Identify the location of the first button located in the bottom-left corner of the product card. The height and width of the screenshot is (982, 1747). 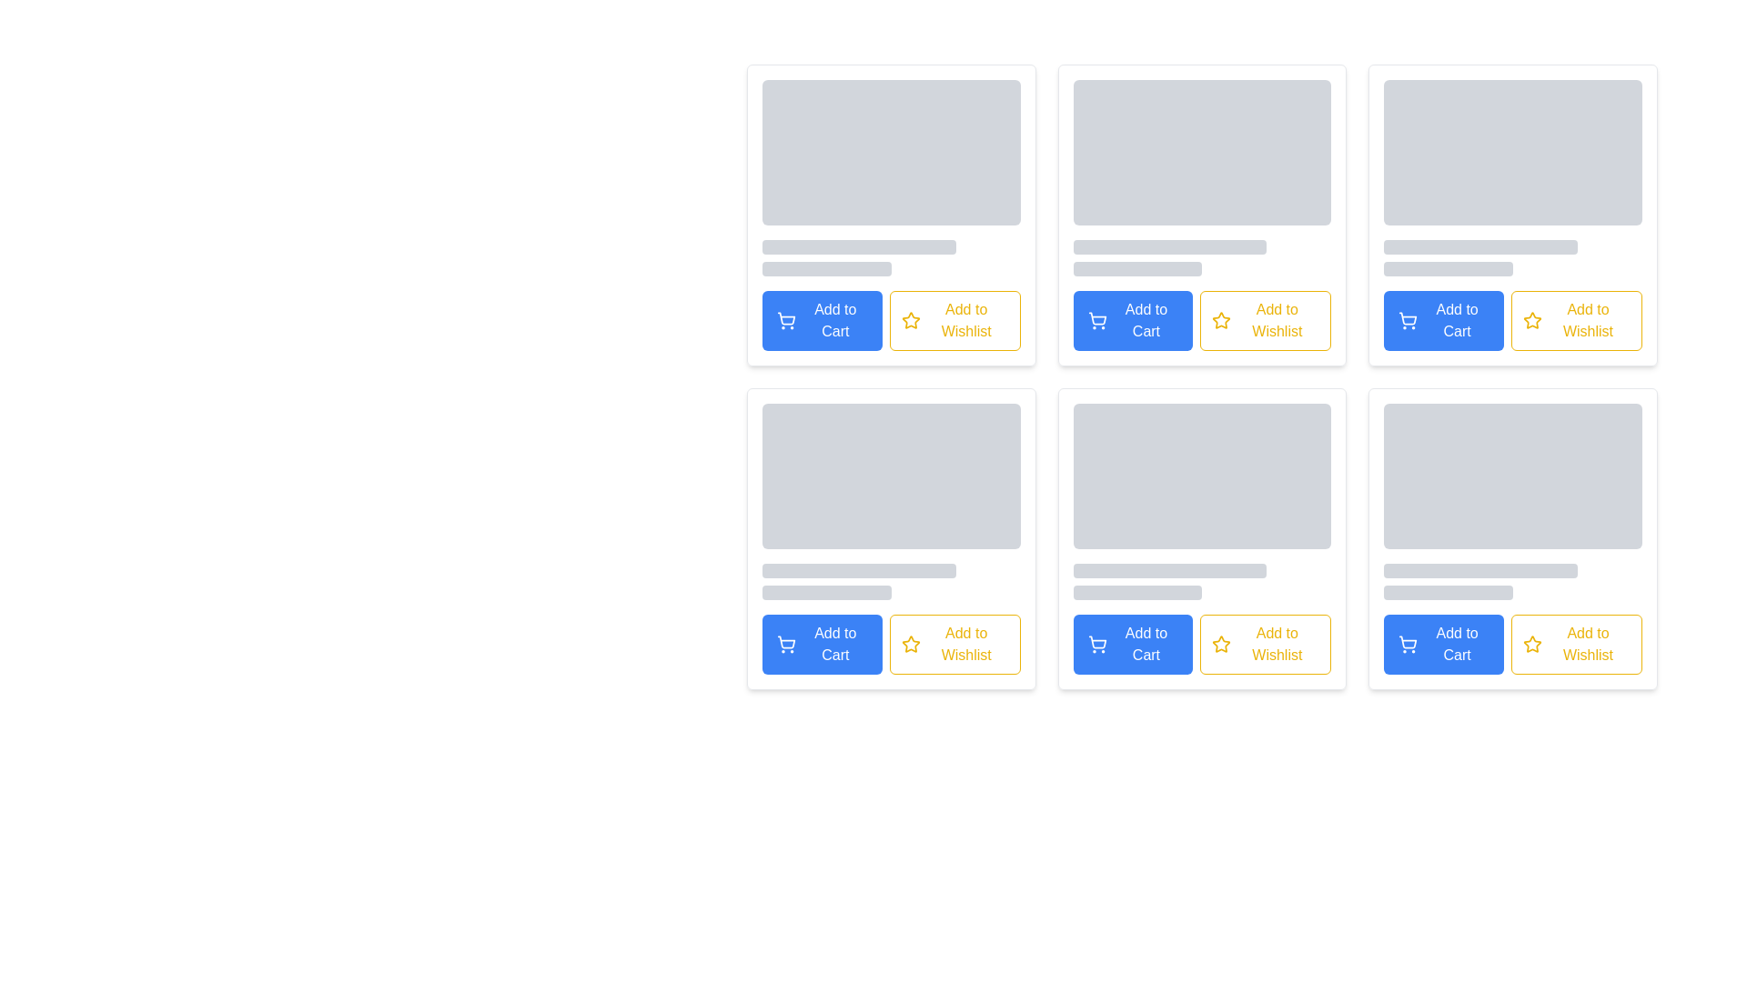
(821, 644).